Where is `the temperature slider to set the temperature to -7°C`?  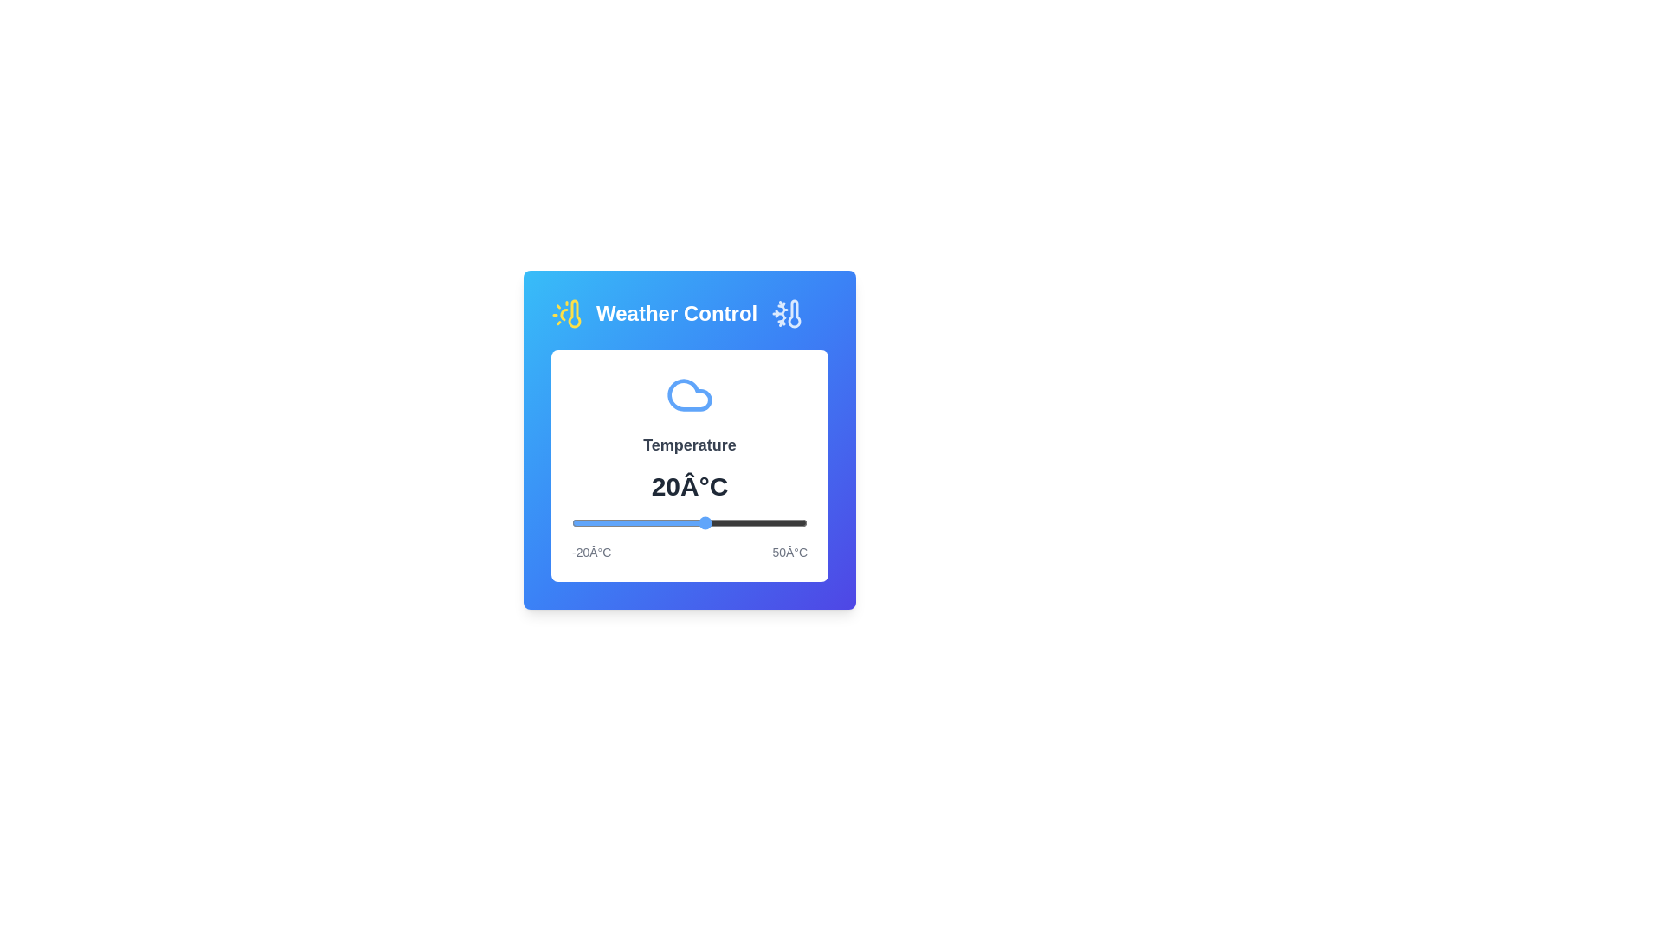 the temperature slider to set the temperature to -7°C is located at coordinates (615, 522).